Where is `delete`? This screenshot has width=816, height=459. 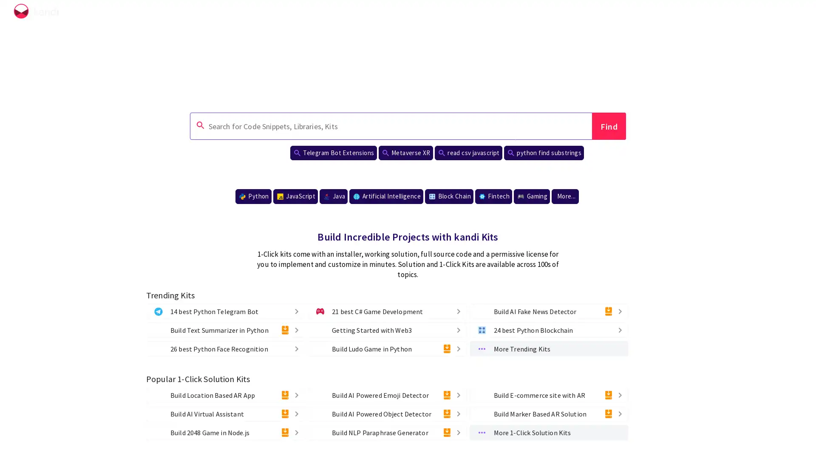 delete is located at coordinates (285, 413).